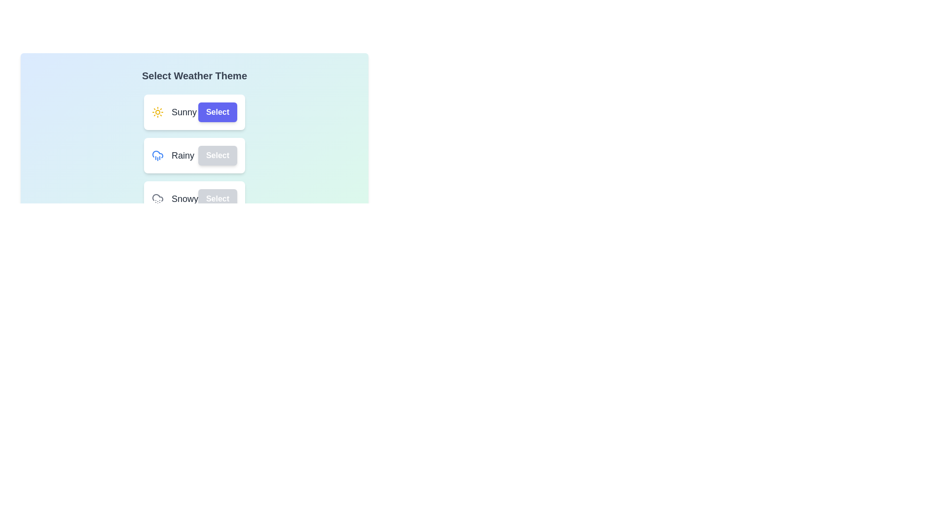 The height and width of the screenshot is (532, 947). What do you see at coordinates (217, 199) in the screenshot?
I see `the 'Select' button corresponding to the weather theme Snowy` at bounding box center [217, 199].